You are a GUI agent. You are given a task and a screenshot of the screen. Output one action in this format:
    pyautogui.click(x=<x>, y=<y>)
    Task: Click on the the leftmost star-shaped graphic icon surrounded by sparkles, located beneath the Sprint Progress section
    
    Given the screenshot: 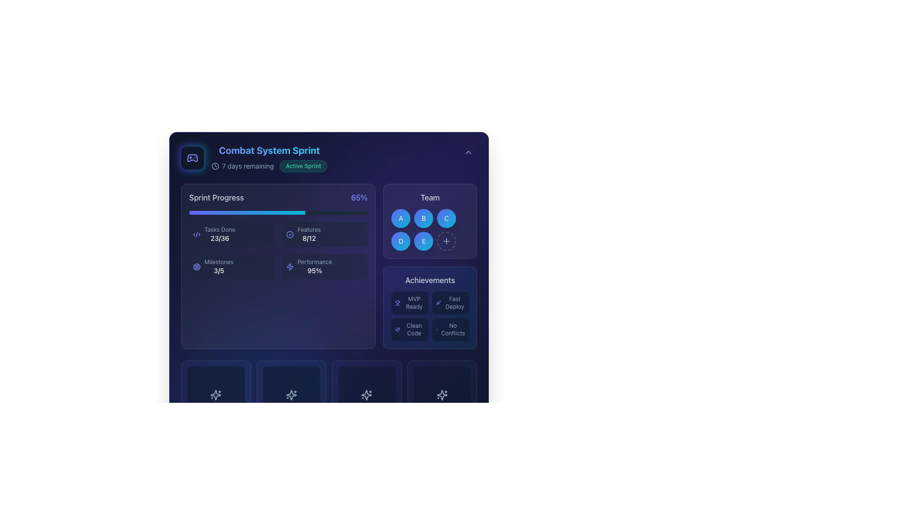 What is the action you would take?
    pyautogui.click(x=291, y=395)
    